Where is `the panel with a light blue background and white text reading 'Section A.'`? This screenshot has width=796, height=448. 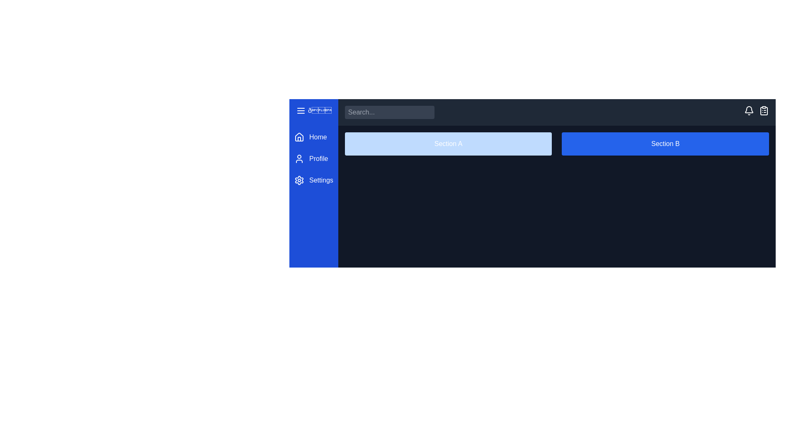
the panel with a light blue background and white text reading 'Section A.' is located at coordinates (448, 144).